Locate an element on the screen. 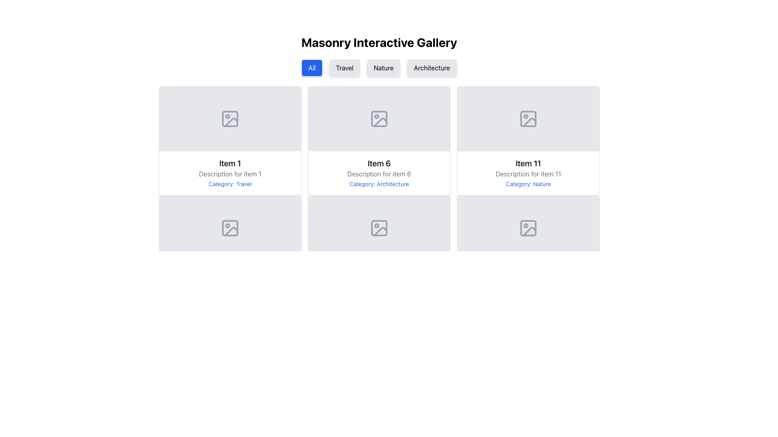 The height and width of the screenshot is (437, 778). the Navigation Bar directly below the 'Masonry Interactive Gallery' heading to trigger effects is located at coordinates (379, 68).